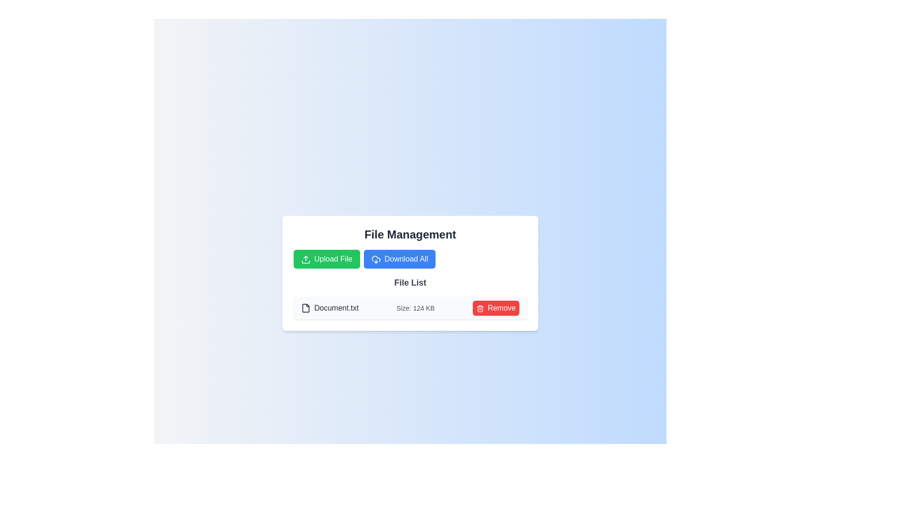 The height and width of the screenshot is (509, 905). What do you see at coordinates (305, 308) in the screenshot?
I see `the document icon resembling a piece of paper with a folded corner, located to the left of the 'Document.txt' label in the file management section` at bounding box center [305, 308].